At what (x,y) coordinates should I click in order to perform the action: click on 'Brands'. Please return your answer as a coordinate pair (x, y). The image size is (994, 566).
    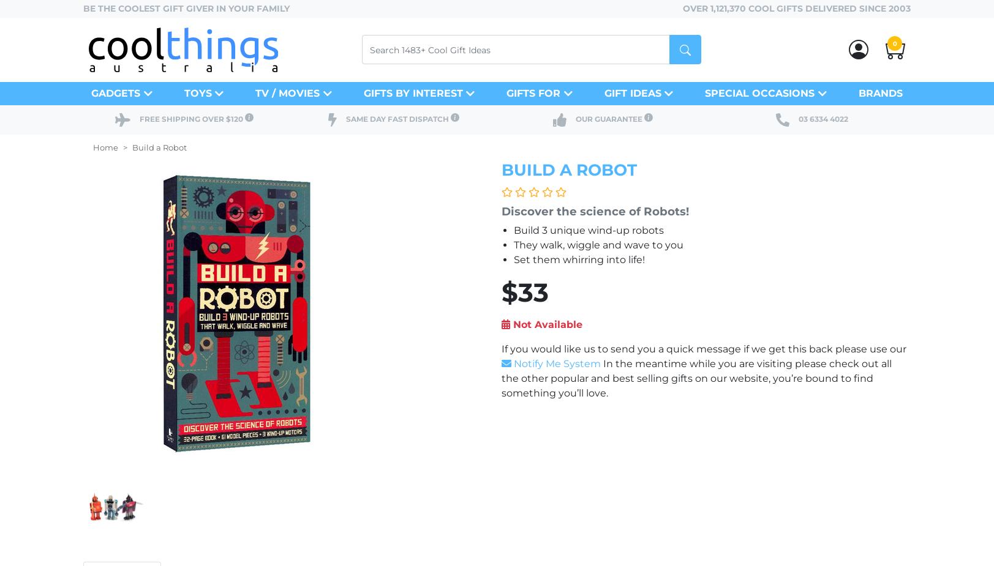
    Looking at the image, I should click on (879, 92).